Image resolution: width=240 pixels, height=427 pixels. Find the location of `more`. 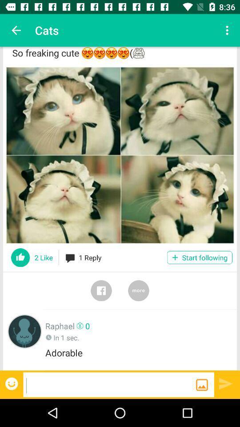

more is located at coordinates (139, 290).